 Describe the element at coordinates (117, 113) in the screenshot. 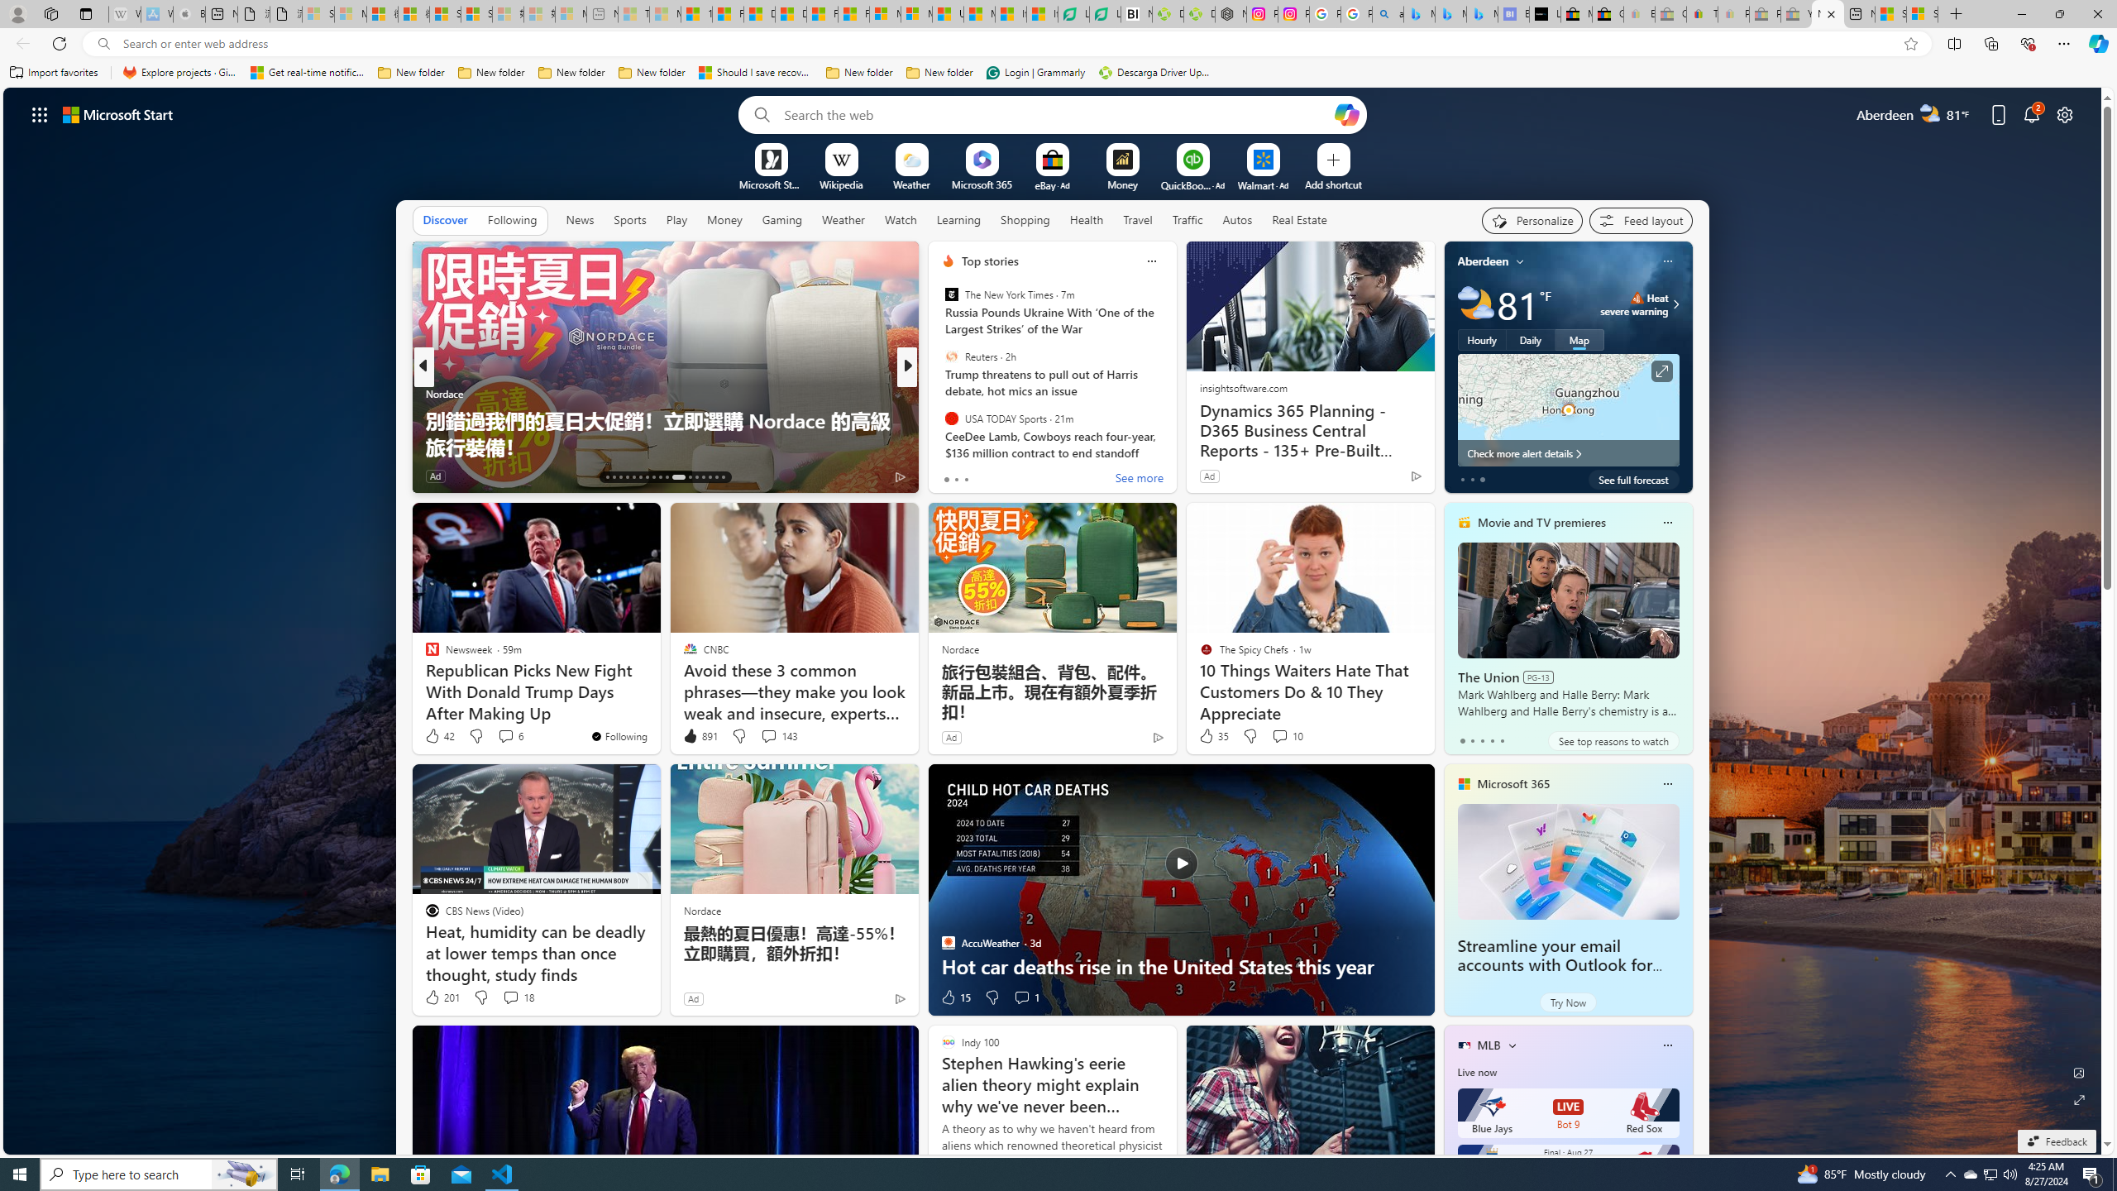

I see `'Microsoft start'` at that location.